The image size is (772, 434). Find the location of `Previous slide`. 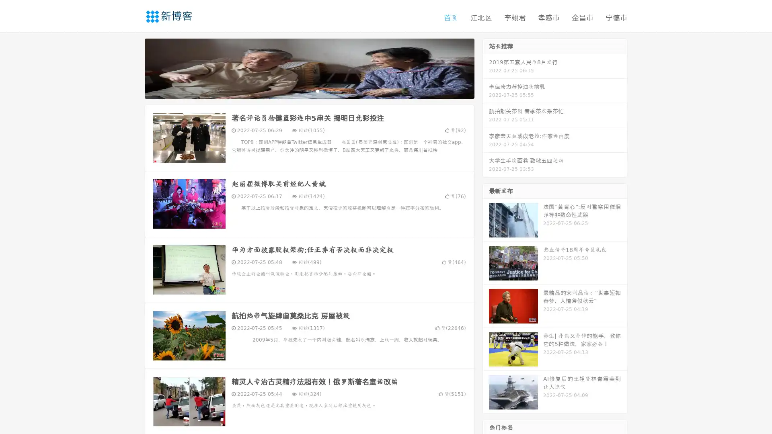

Previous slide is located at coordinates (133, 68).